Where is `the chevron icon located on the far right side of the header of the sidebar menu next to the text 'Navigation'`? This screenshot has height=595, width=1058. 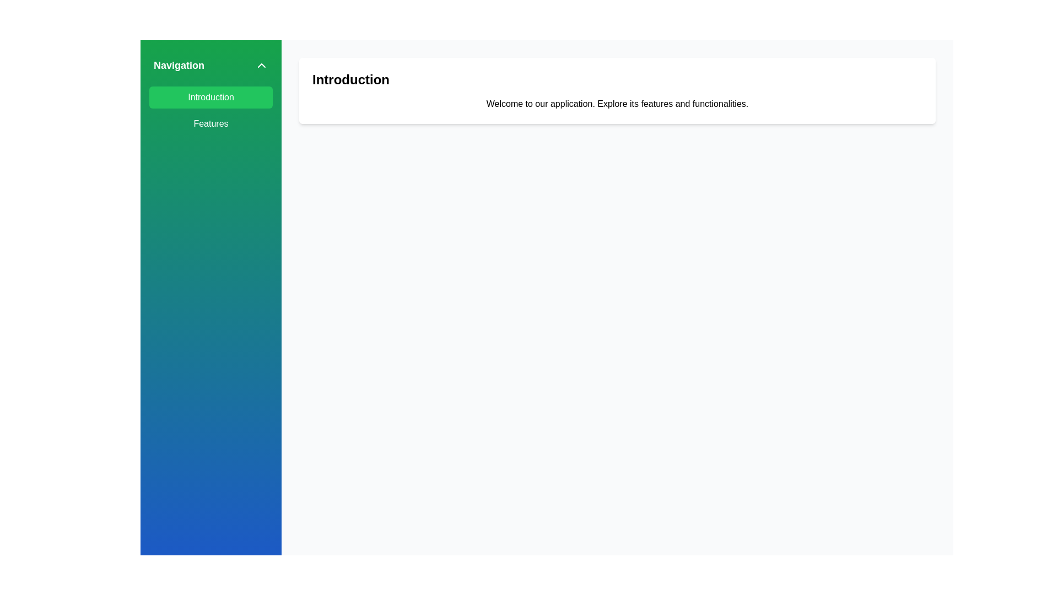
the chevron icon located on the far right side of the header of the sidebar menu next to the text 'Navigation' is located at coordinates (261, 66).